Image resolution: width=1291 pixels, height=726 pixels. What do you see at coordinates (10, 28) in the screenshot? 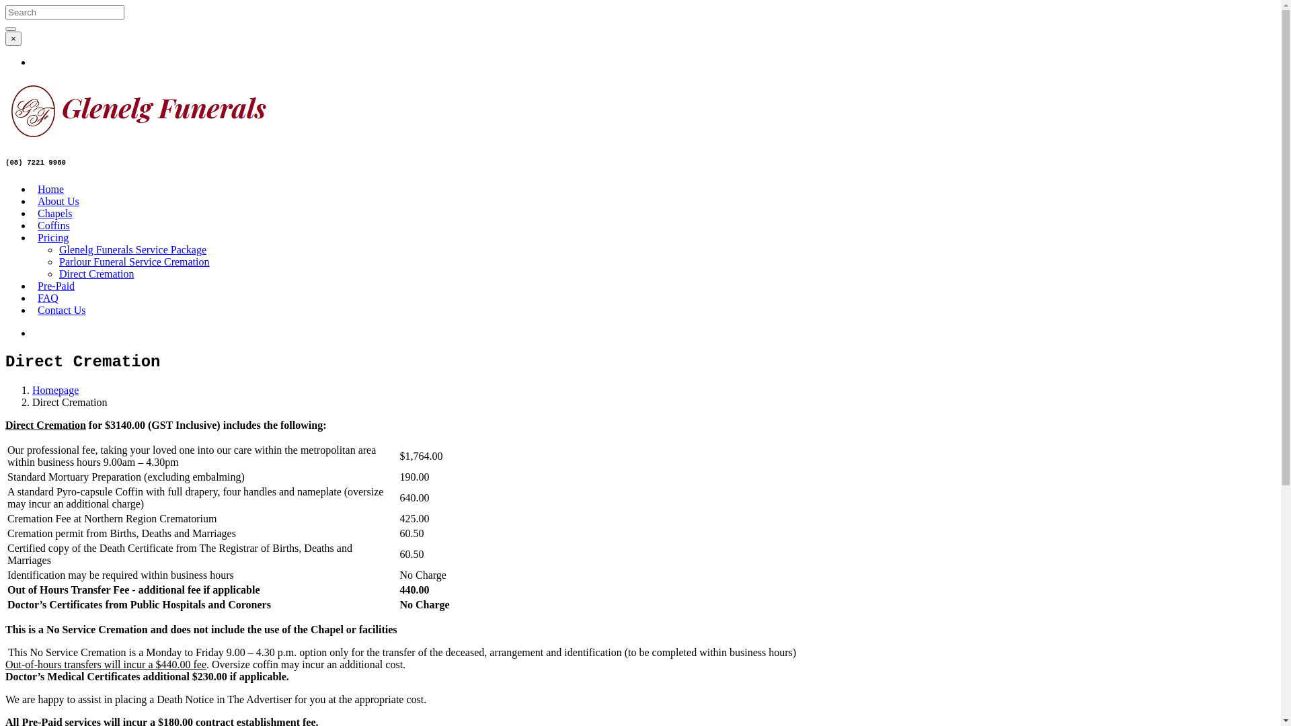
I see `'Search'` at bounding box center [10, 28].